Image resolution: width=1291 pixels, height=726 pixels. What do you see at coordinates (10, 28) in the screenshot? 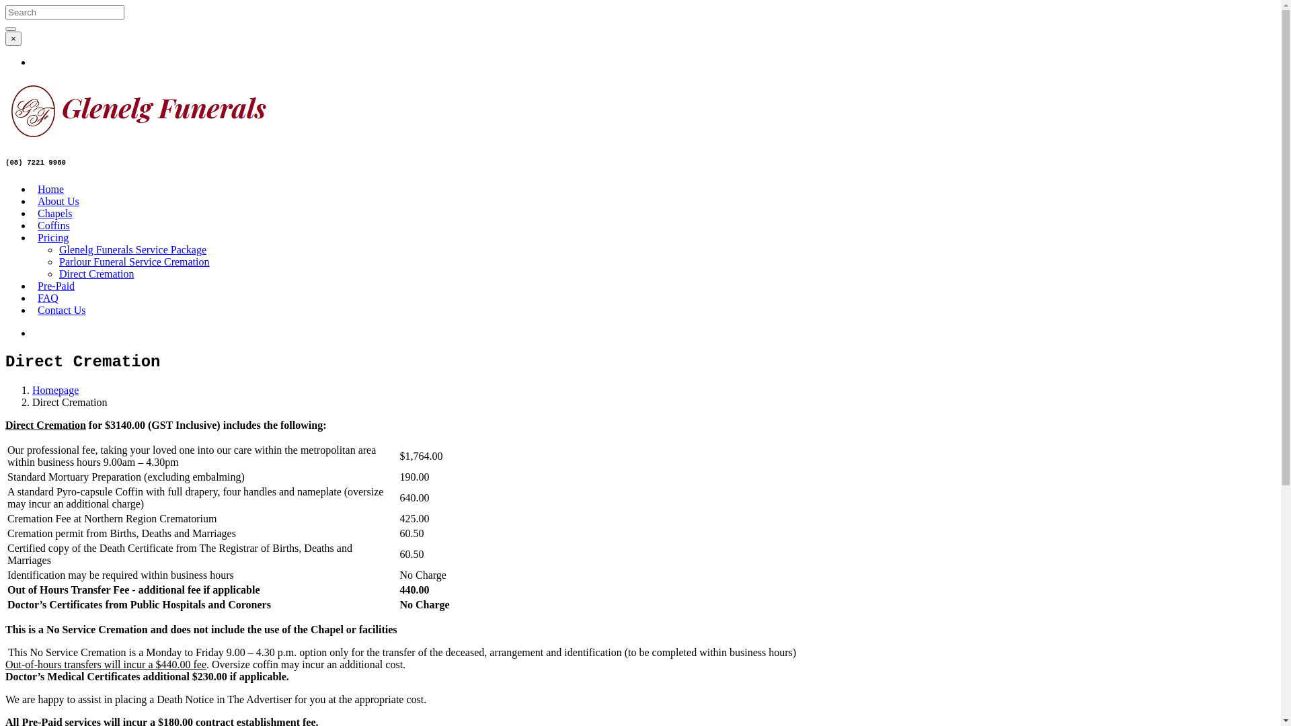
I see `'Search'` at bounding box center [10, 28].